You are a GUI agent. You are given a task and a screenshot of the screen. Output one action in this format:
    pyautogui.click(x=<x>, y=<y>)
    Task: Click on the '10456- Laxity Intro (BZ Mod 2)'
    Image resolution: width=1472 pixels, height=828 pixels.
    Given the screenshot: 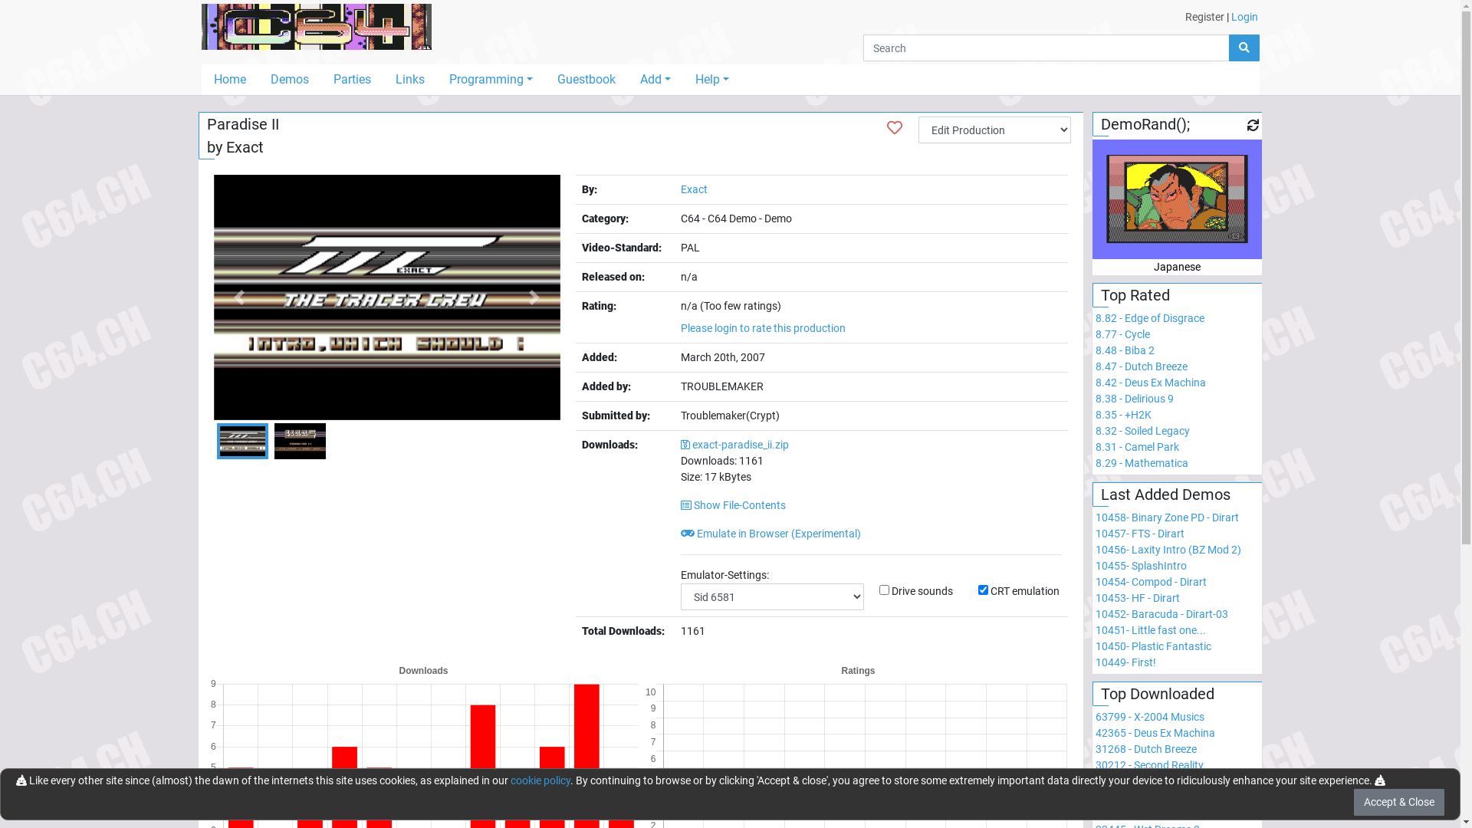 What is the action you would take?
    pyautogui.click(x=1167, y=549)
    